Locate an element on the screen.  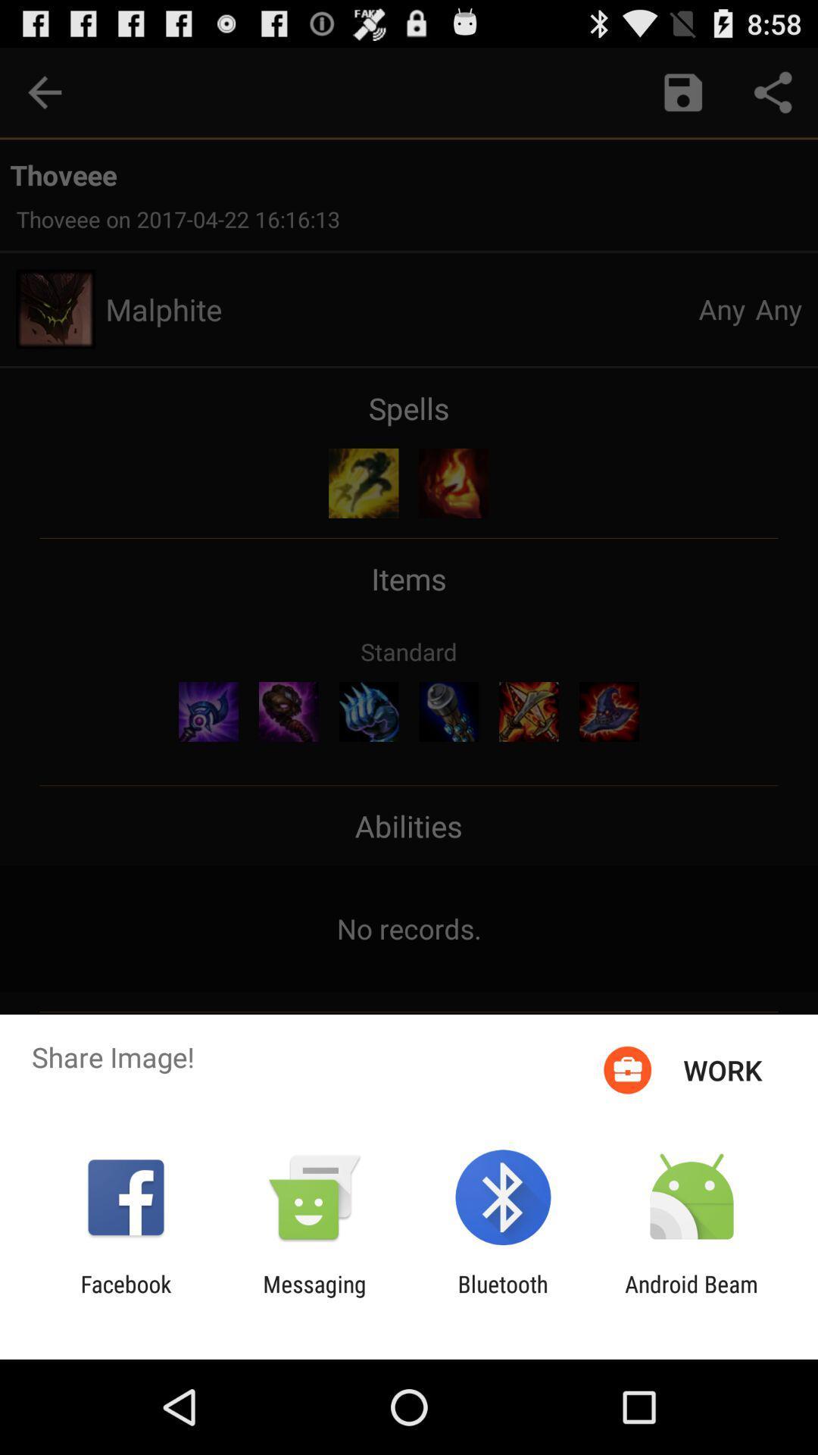
the app to the right of facebook is located at coordinates (314, 1297).